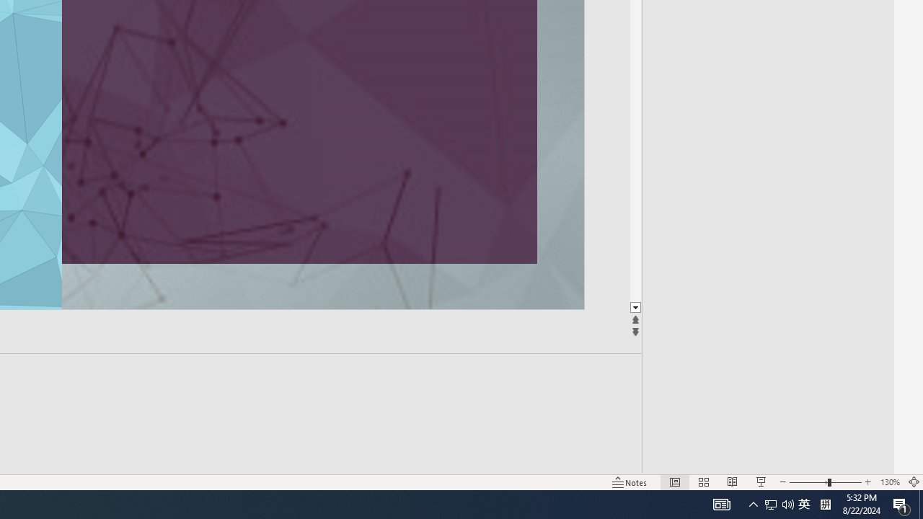 The height and width of the screenshot is (519, 923). Describe the element at coordinates (889, 482) in the screenshot. I see `'Zoom 130%'` at that location.